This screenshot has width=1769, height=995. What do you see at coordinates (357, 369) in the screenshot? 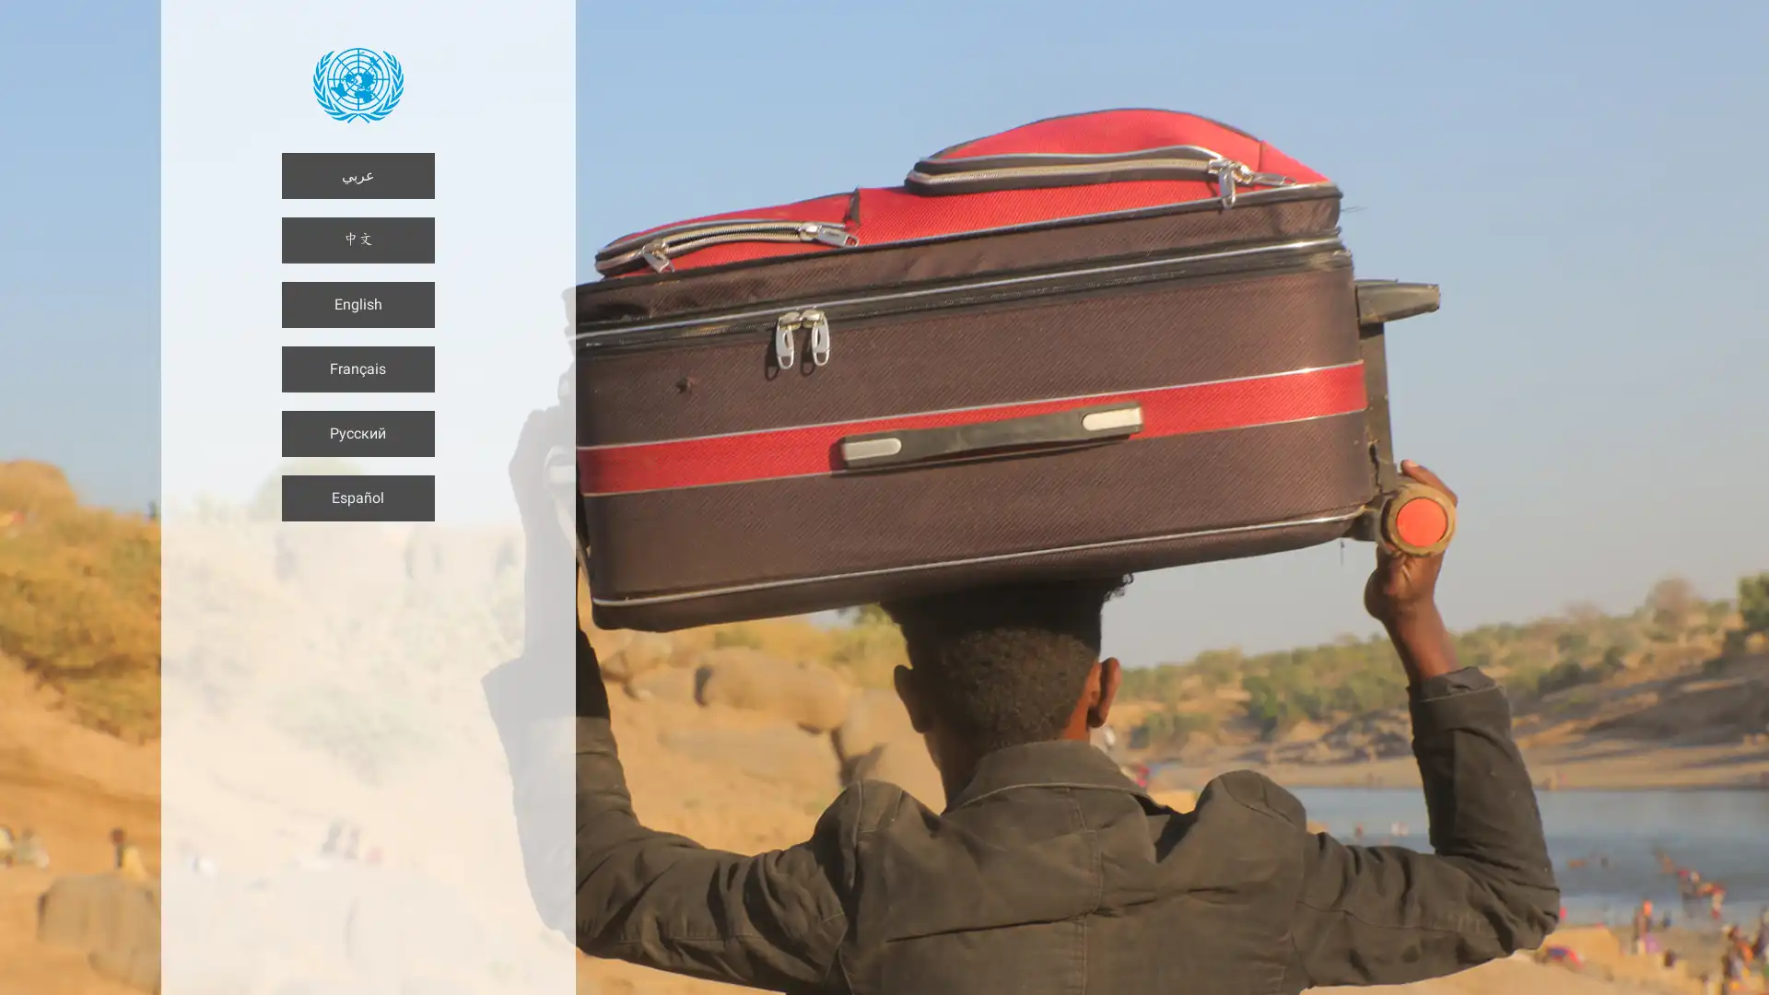
I see `Francais` at bounding box center [357, 369].